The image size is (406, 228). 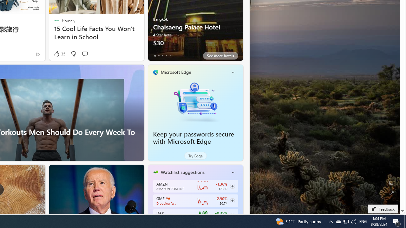 I want to click on 'tab-3', so click(x=166, y=55).